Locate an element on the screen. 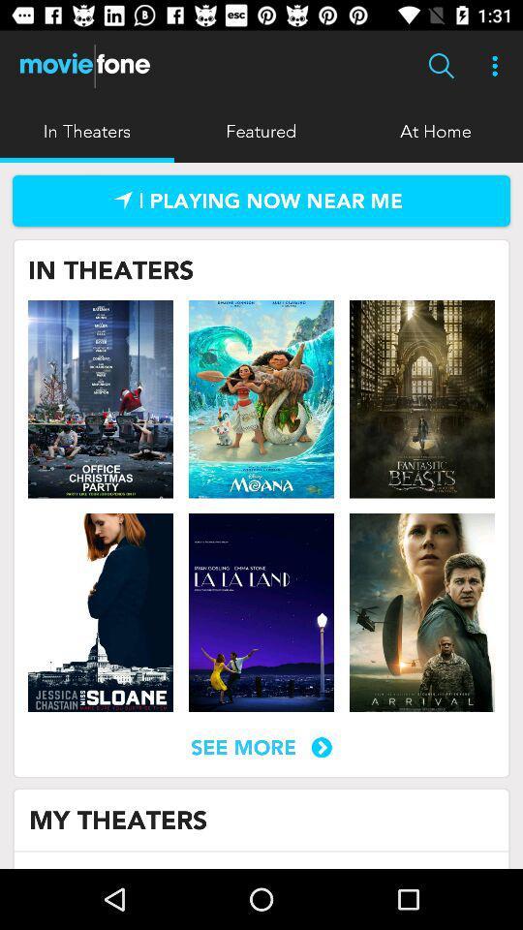 The image size is (523, 930). discover more music is located at coordinates (261, 201).